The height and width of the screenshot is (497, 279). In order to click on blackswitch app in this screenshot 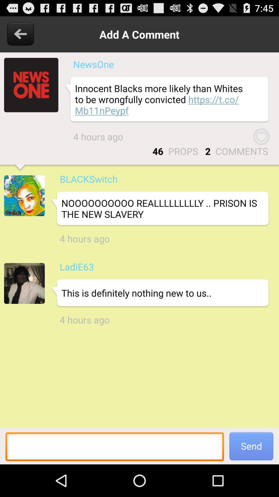, I will do `click(88, 179)`.